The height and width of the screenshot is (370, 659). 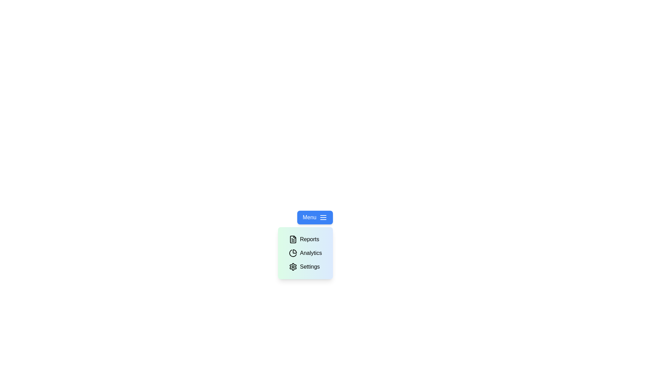 I want to click on the menu item Analytics to observe its hover effect, so click(x=305, y=253).